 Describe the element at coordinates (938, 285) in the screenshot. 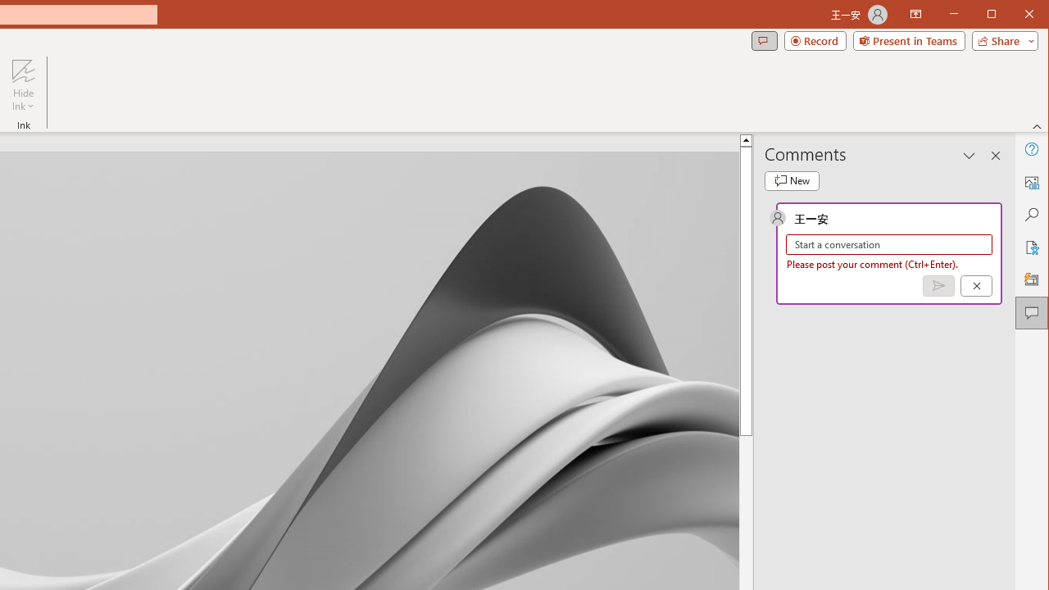

I see `'Post comment (Ctrl + Enter)'` at that location.